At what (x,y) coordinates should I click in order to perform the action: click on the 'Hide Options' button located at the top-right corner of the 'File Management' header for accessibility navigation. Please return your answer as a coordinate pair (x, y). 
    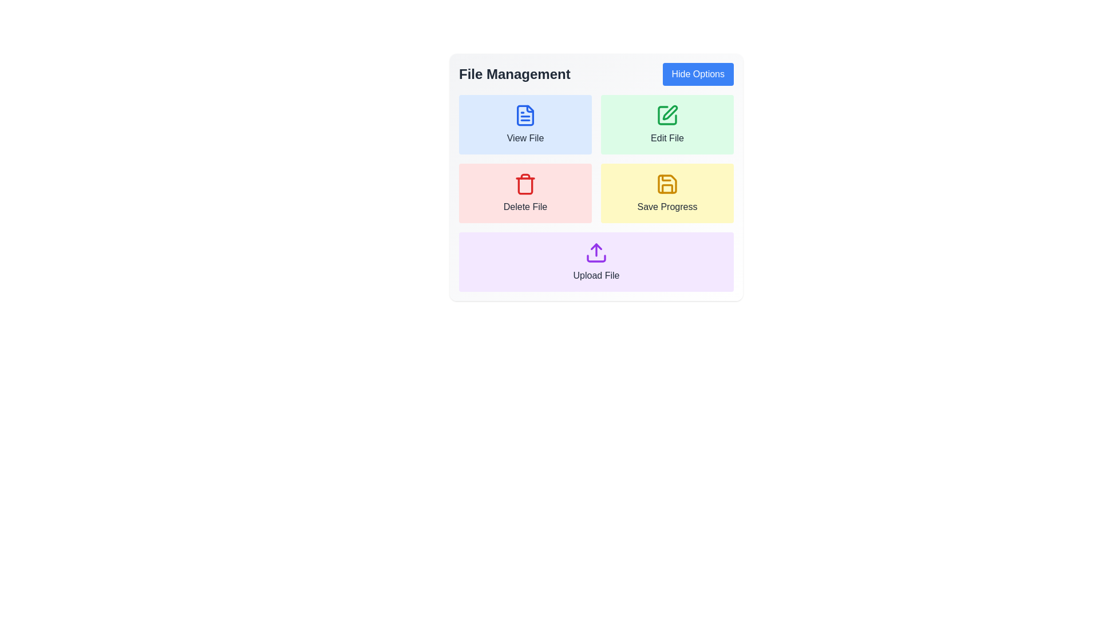
    Looking at the image, I should click on (697, 74).